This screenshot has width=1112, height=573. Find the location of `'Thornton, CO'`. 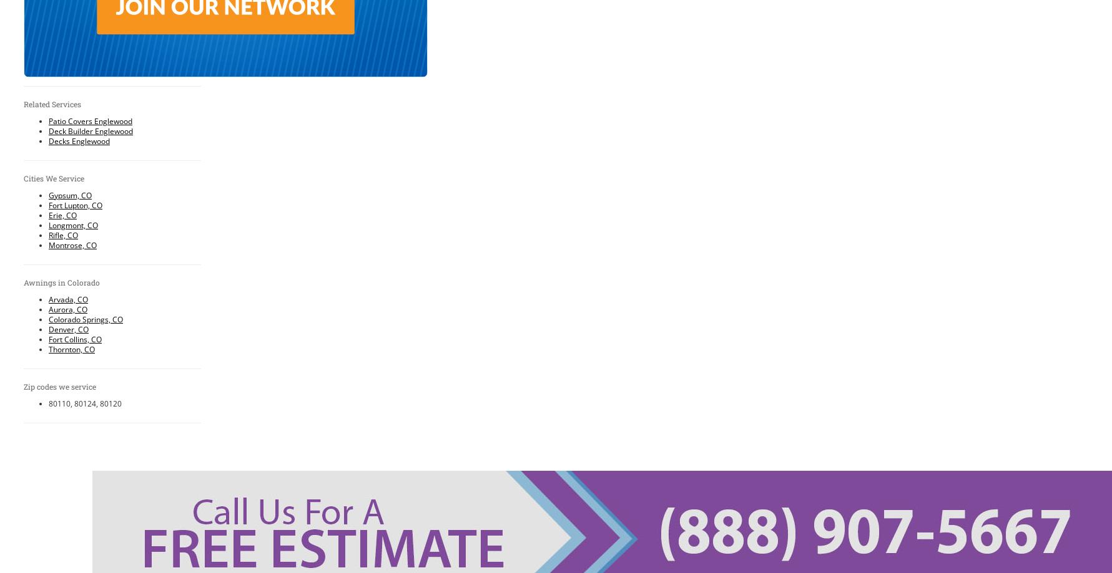

'Thornton, CO' is located at coordinates (71, 349).